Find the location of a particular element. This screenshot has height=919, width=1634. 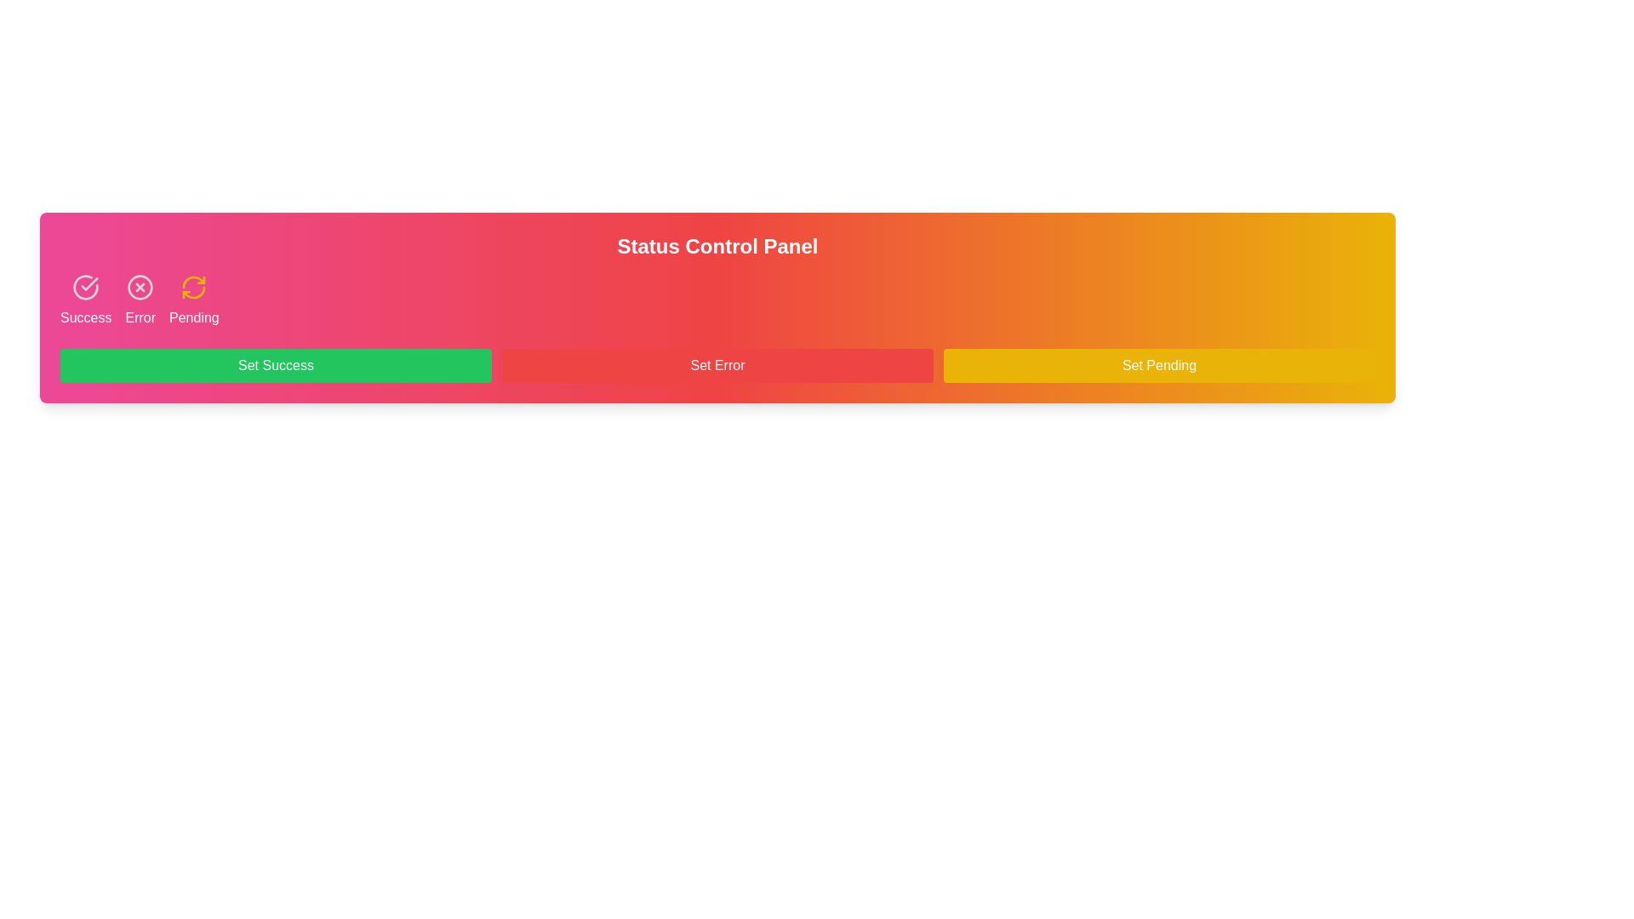

the third button in a horizontal sequence to set the status of the operation to 'Pending' is located at coordinates (1158, 364).